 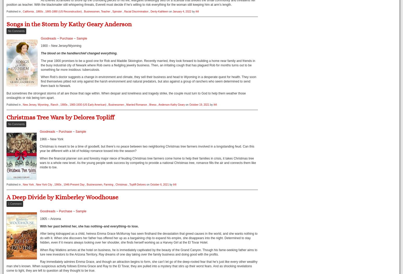 I want to click on 'Christmas is meant to be a time of goodwill, but there’s no peace between two neighboring Christmas tree farmers involved in a longstanding feud. Can this year be different with a bit of holiday romance tossed into the season?', so click(x=147, y=148).